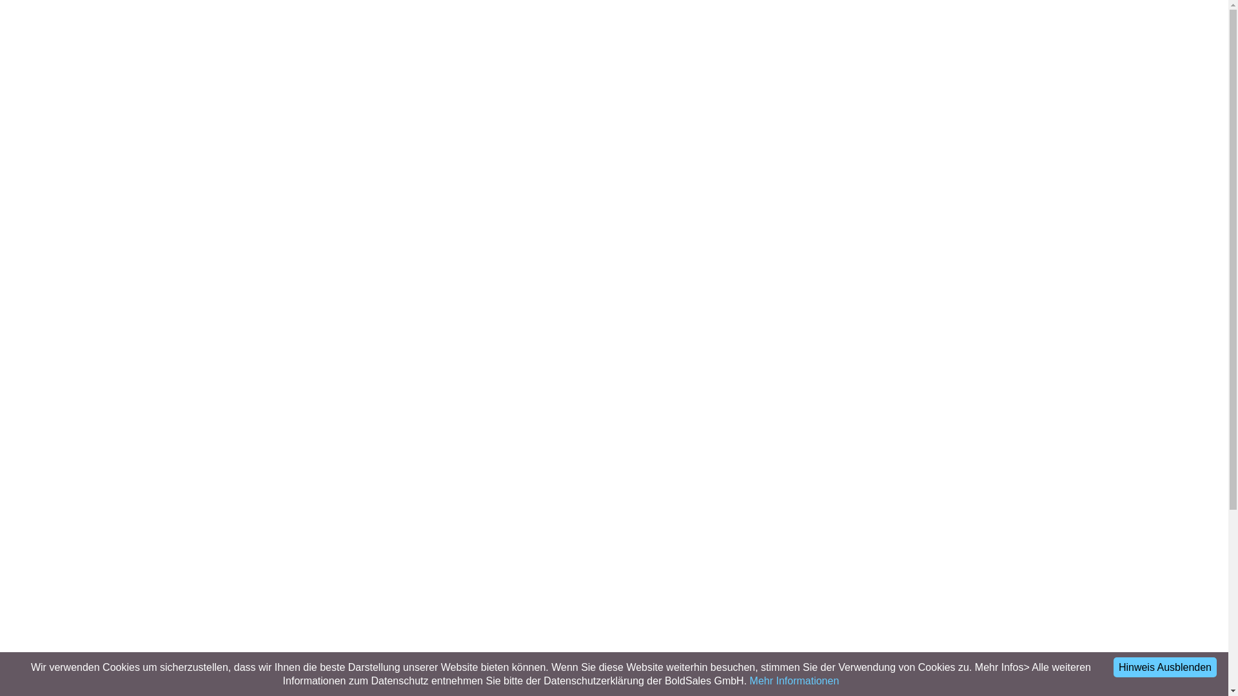 Image resolution: width=1238 pixels, height=696 pixels. What do you see at coordinates (749, 680) in the screenshot?
I see `'Mehr Informationen'` at bounding box center [749, 680].